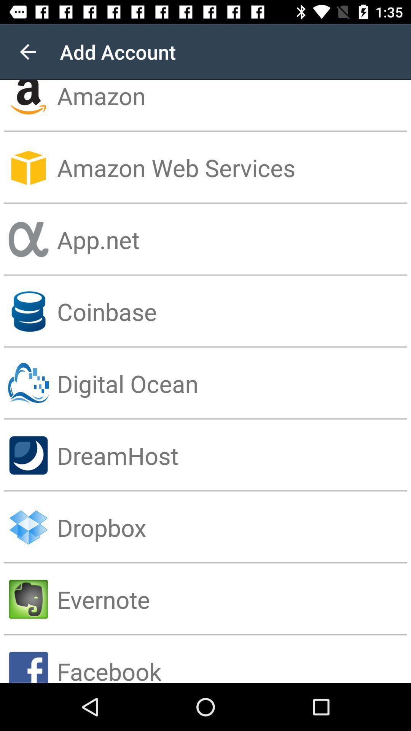  Describe the element at coordinates (233, 455) in the screenshot. I see `dreamhost` at that location.